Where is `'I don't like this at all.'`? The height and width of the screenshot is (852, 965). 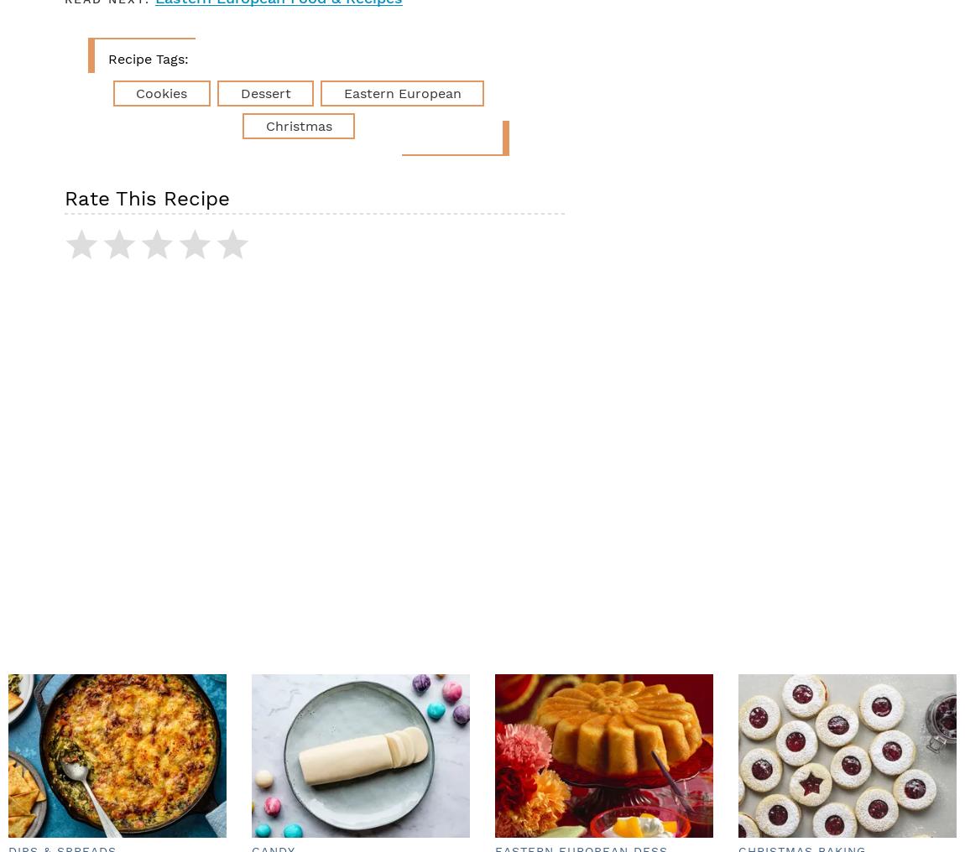 'I don't like this at all.' is located at coordinates (331, 255).